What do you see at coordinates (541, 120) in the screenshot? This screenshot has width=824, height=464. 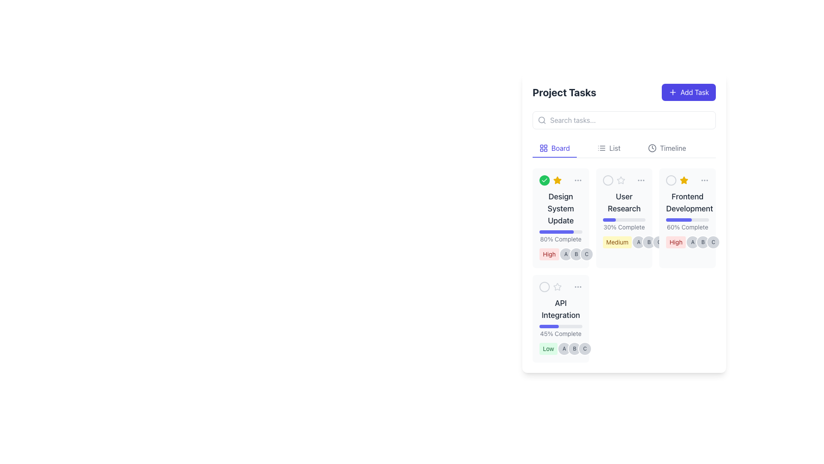 I see `the magnifying glass icon located to the far left of the search input field, which visually indicates the search function` at bounding box center [541, 120].